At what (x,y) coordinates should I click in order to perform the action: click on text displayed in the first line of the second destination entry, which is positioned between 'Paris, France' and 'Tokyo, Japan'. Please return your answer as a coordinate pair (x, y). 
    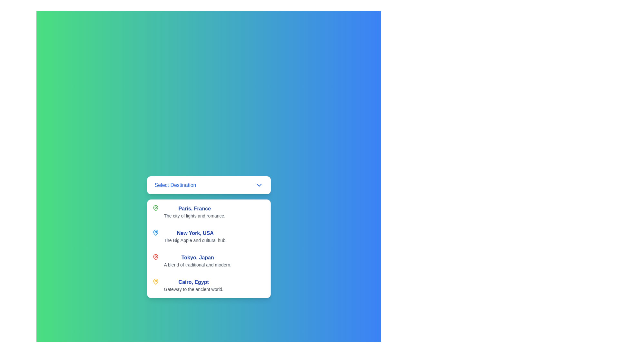
    Looking at the image, I should click on (195, 233).